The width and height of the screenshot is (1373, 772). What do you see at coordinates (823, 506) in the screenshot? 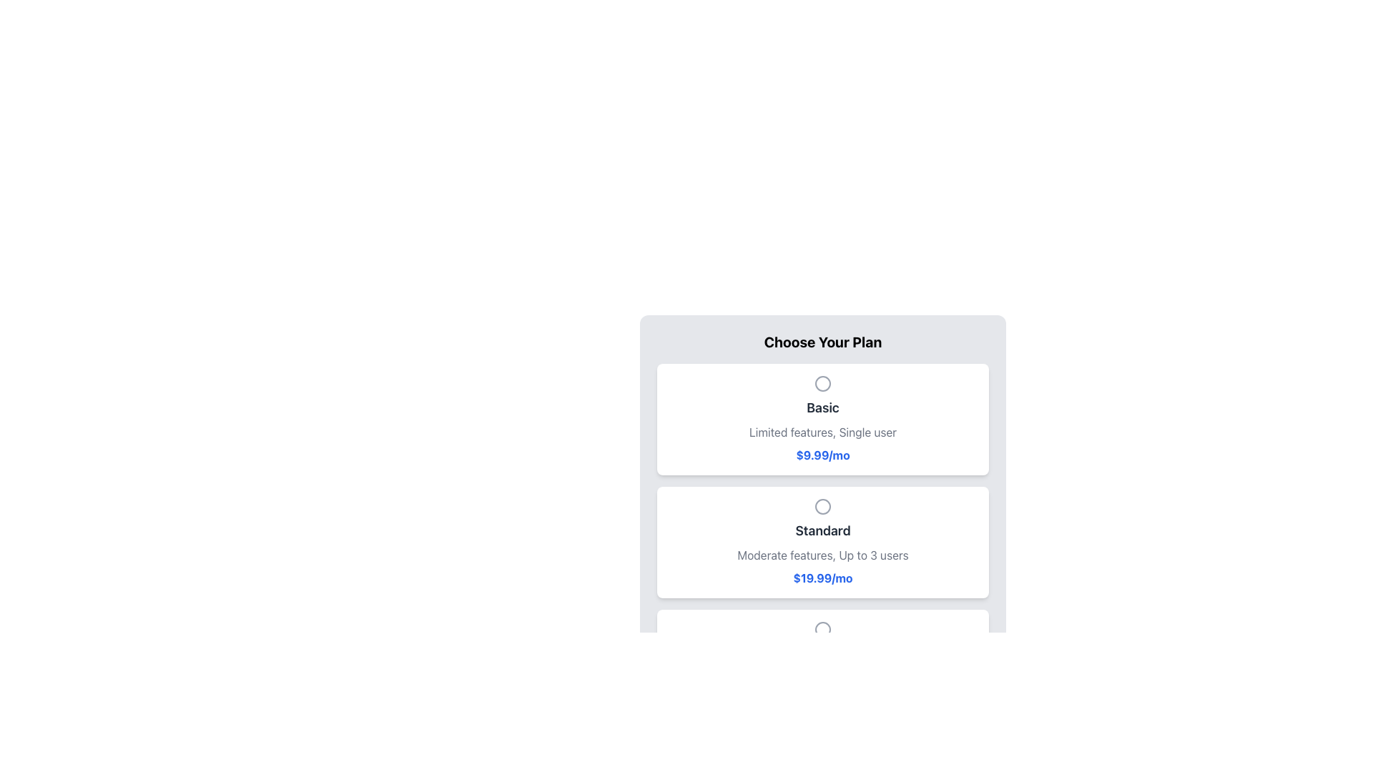
I see `the graphical icon located at the top of the 'Standard' plan card in the 'Choose Your Plan' section` at bounding box center [823, 506].